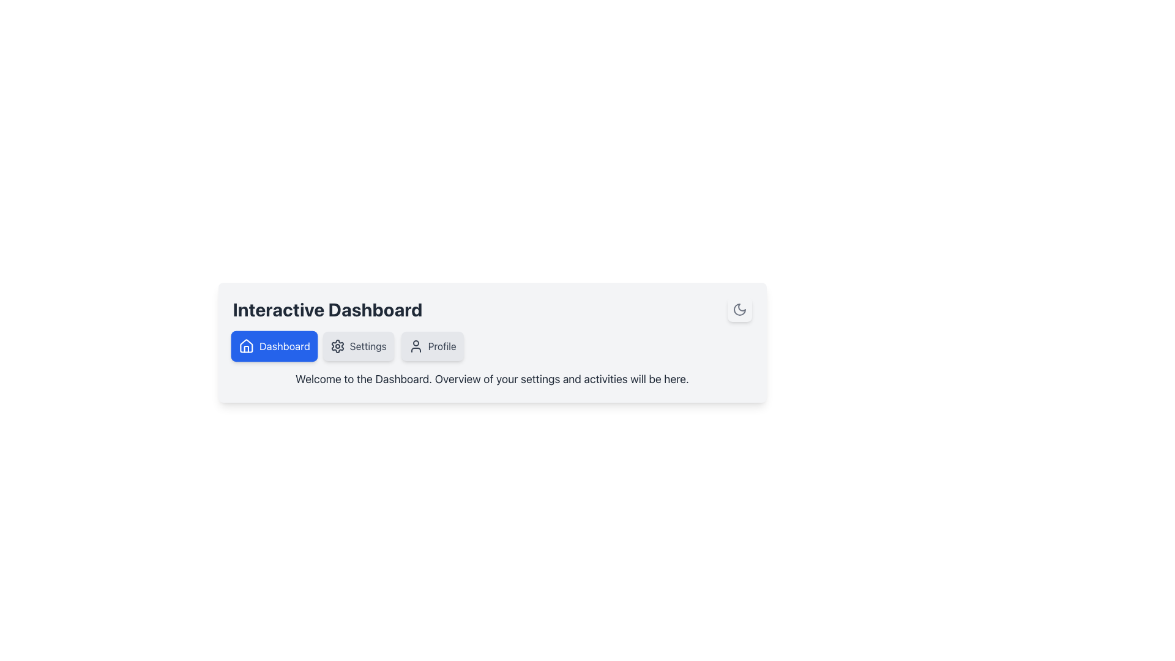 Image resolution: width=1175 pixels, height=661 pixels. What do you see at coordinates (739, 308) in the screenshot?
I see `the crescent moon icon in the top-right corner of the dashboard` at bounding box center [739, 308].